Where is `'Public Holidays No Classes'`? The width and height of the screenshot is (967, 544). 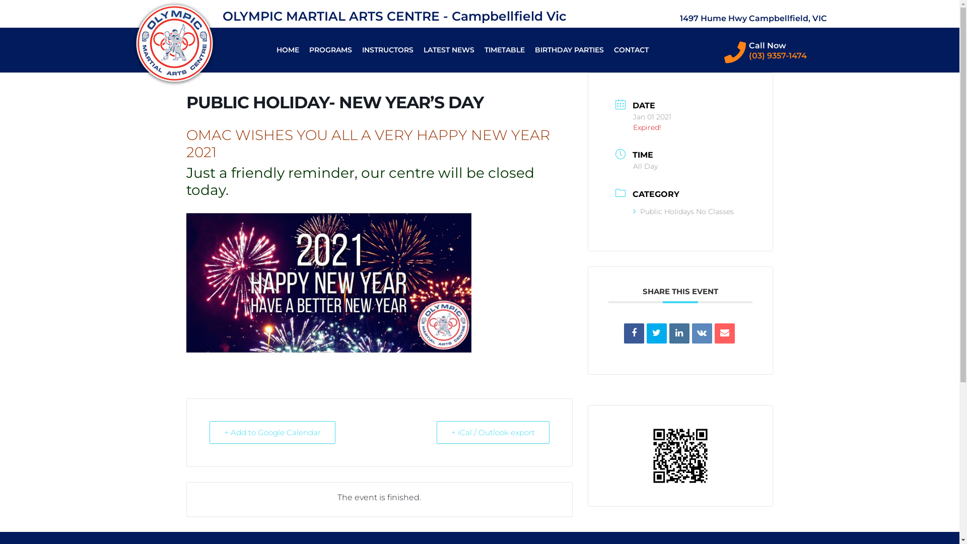 'Public Holidays No Classes' is located at coordinates (683, 211).